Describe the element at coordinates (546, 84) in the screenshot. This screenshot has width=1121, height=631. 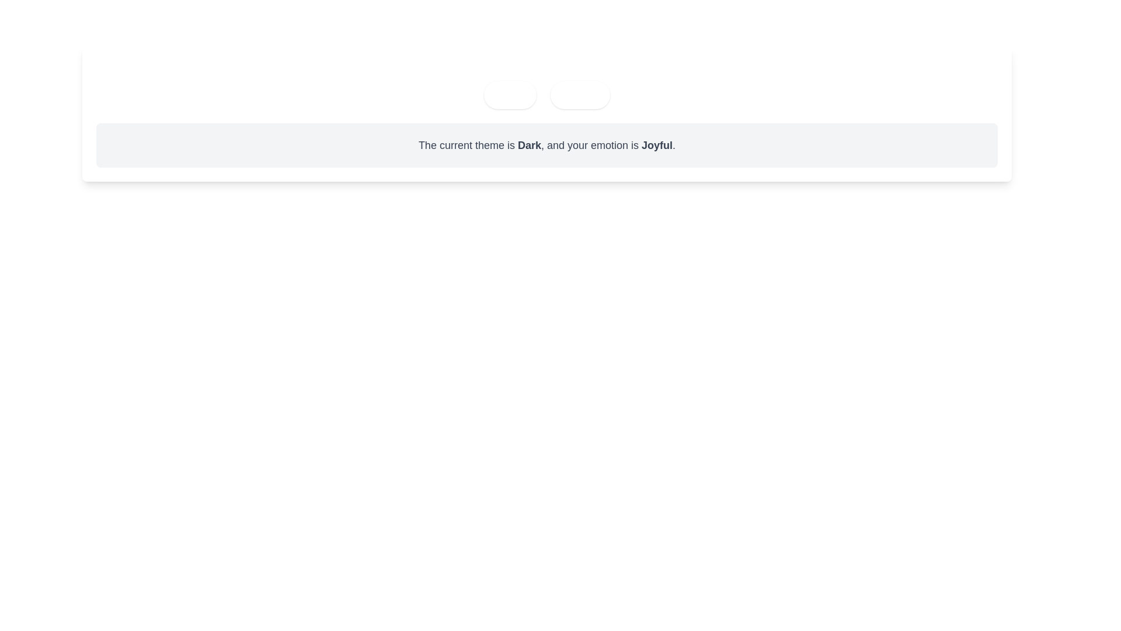
I see `the 'Happy' button in the interactive panel that allows users` at that location.